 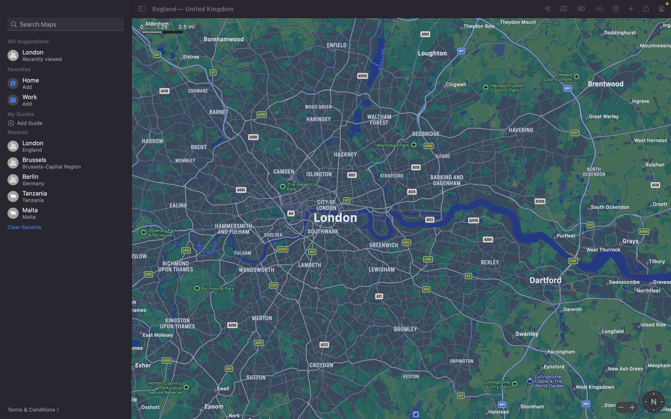 What do you see at coordinates (620, 407) in the screenshot?
I see `Zoom out on the map` at bounding box center [620, 407].